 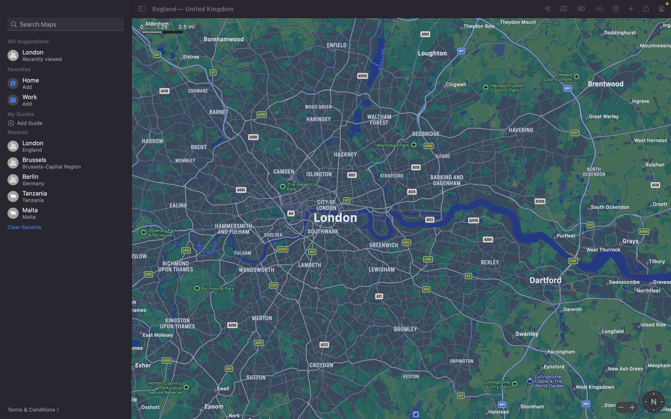 What do you see at coordinates (620, 407) in the screenshot?
I see `Zoom out on the map` at bounding box center [620, 407].